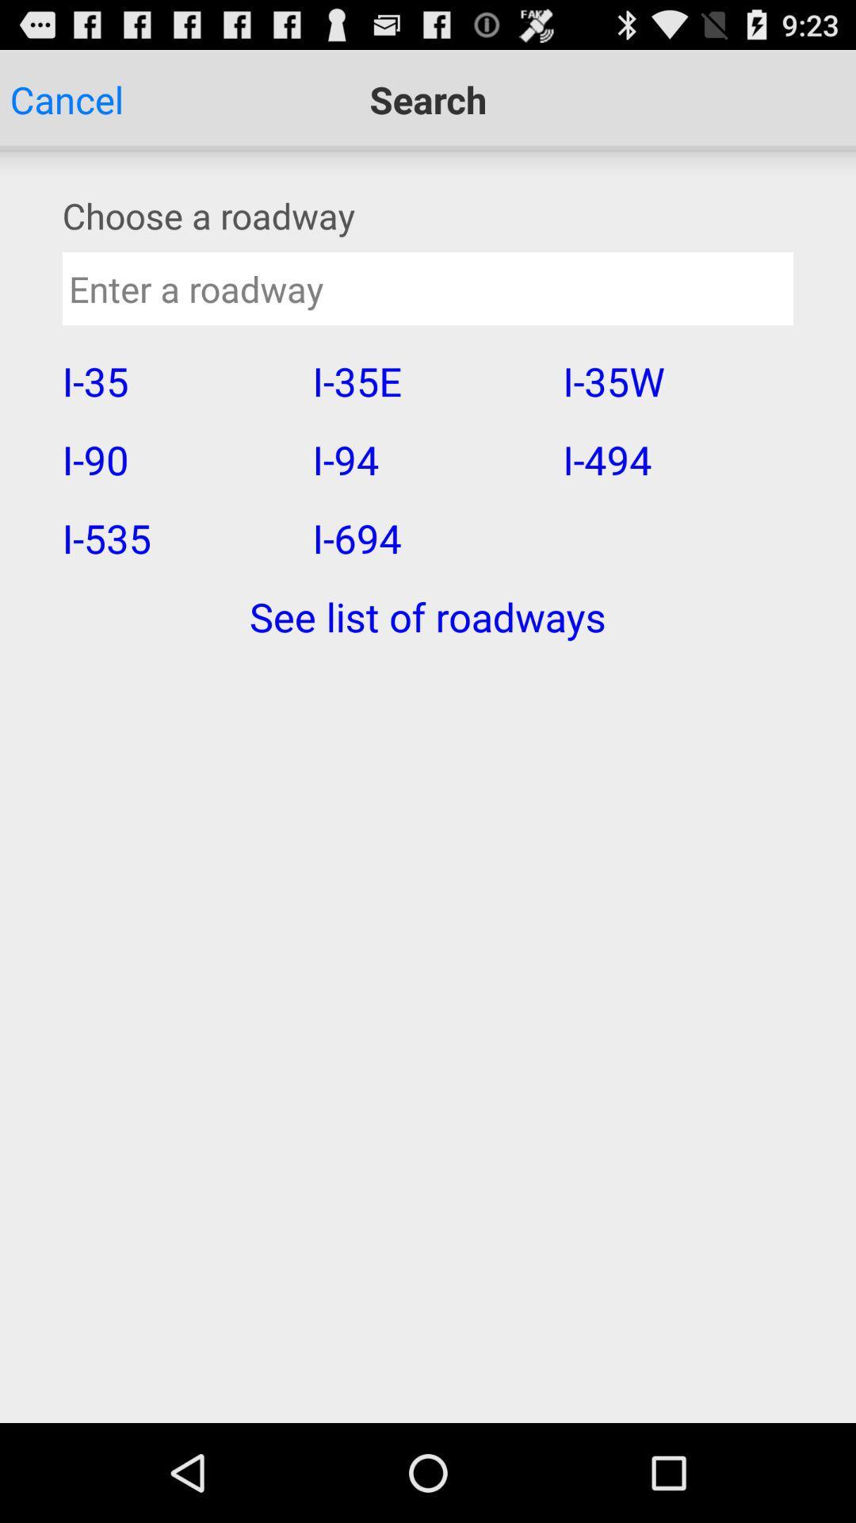  Describe the element at coordinates (426, 458) in the screenshot. I see `the i-94 app` at that location.